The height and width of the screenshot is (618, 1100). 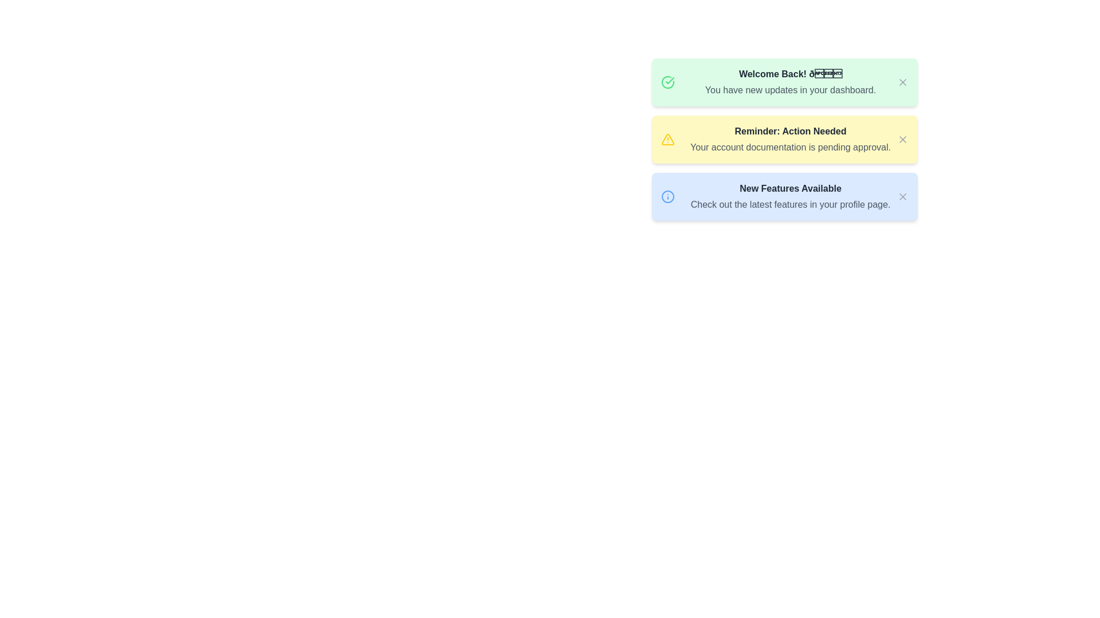 What do you see at coordinates (668, 196) in the screenshot?
I see `the icon located within the notification card on the left side of the text content, which signifies that the notification contains additional information` at bounding box center [668, 196].